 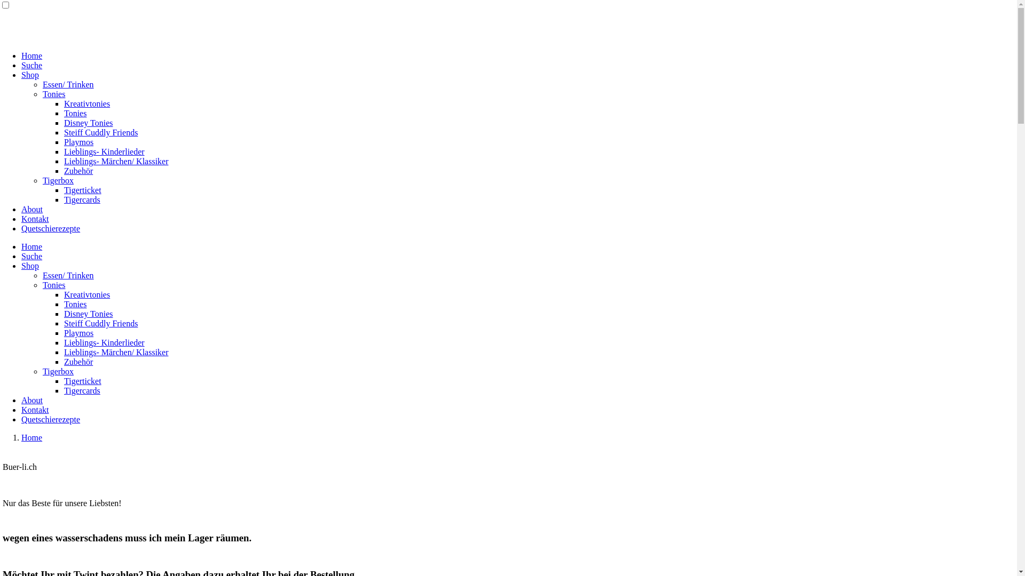 I want to click on 'Quetschierezepte', so click(x=50, y=419).